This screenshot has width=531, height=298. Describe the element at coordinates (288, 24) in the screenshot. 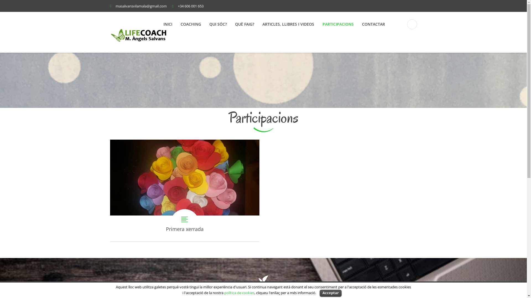

I see `'ARTICLES, LLIBRES I VIDEOS'` at that location.